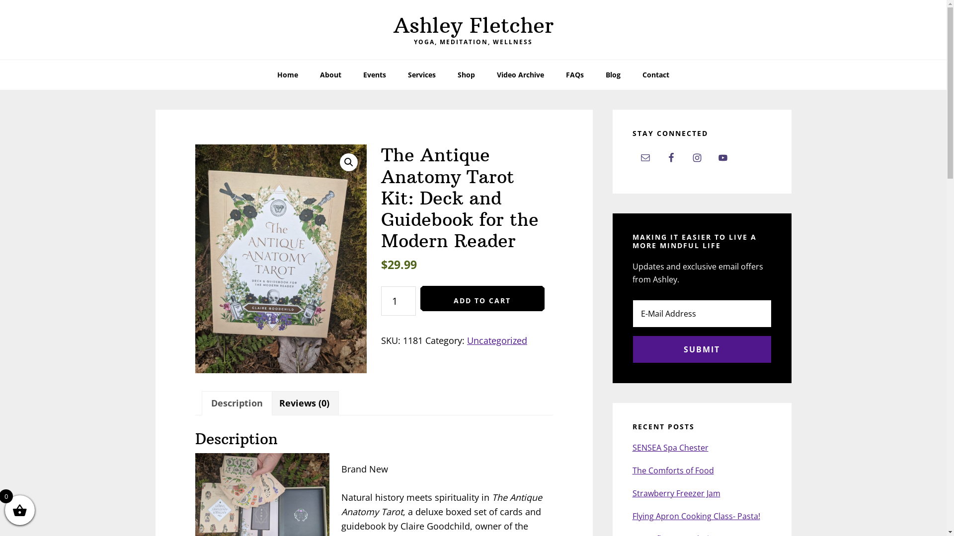 Image resolution: width=954 pixels, height=536 pixels. What do you see at coordinates (267, 74) in the screenshot?
I see `'Home'` at bounding box center [267, 74].